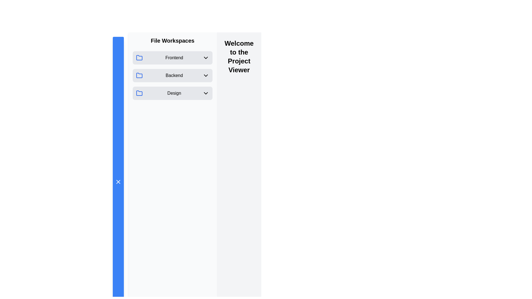  Describe the element at coordinates (206, 93) in the screenshot. I see `the Dropdown indicator icon located at the rightmost end of the 'Design' section` at that location.